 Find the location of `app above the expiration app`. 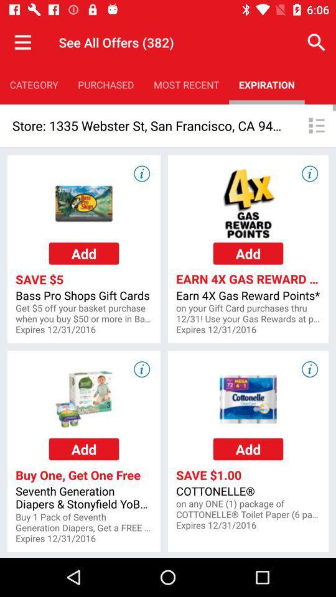

app above the expiration app is located at coordinates (316, 42).